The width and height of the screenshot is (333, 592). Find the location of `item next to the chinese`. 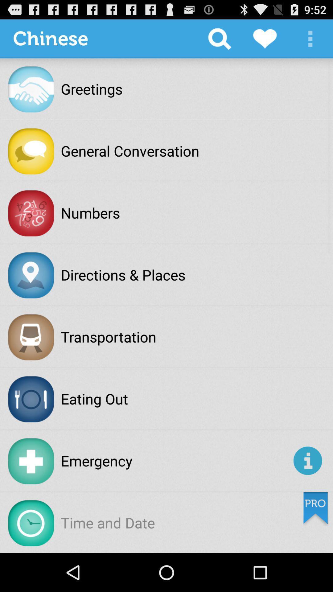

item next to the chinese is located at coordinates (219, 38).